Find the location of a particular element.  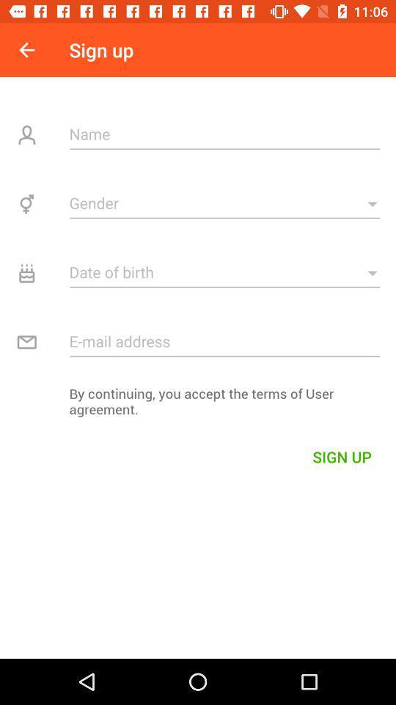

by continuing you is located at coordinates (198, 405).